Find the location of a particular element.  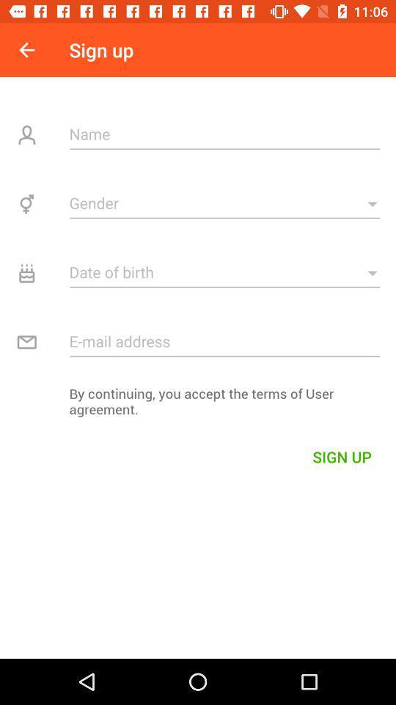

by continuing you is located at coordinates (198, 405).